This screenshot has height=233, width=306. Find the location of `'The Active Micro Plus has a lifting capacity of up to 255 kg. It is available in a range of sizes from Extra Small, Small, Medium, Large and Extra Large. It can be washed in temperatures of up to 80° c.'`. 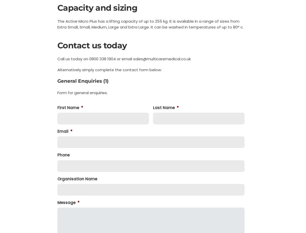

'The Active Micro Plus has a lifting capacity of up to 255 kg. It is available in a range of sizes from Extra Small, Small, Medium, Large and Extra Large. It can be washed in temperatures of up to 80° c.' is located at coordinates (57, 24).